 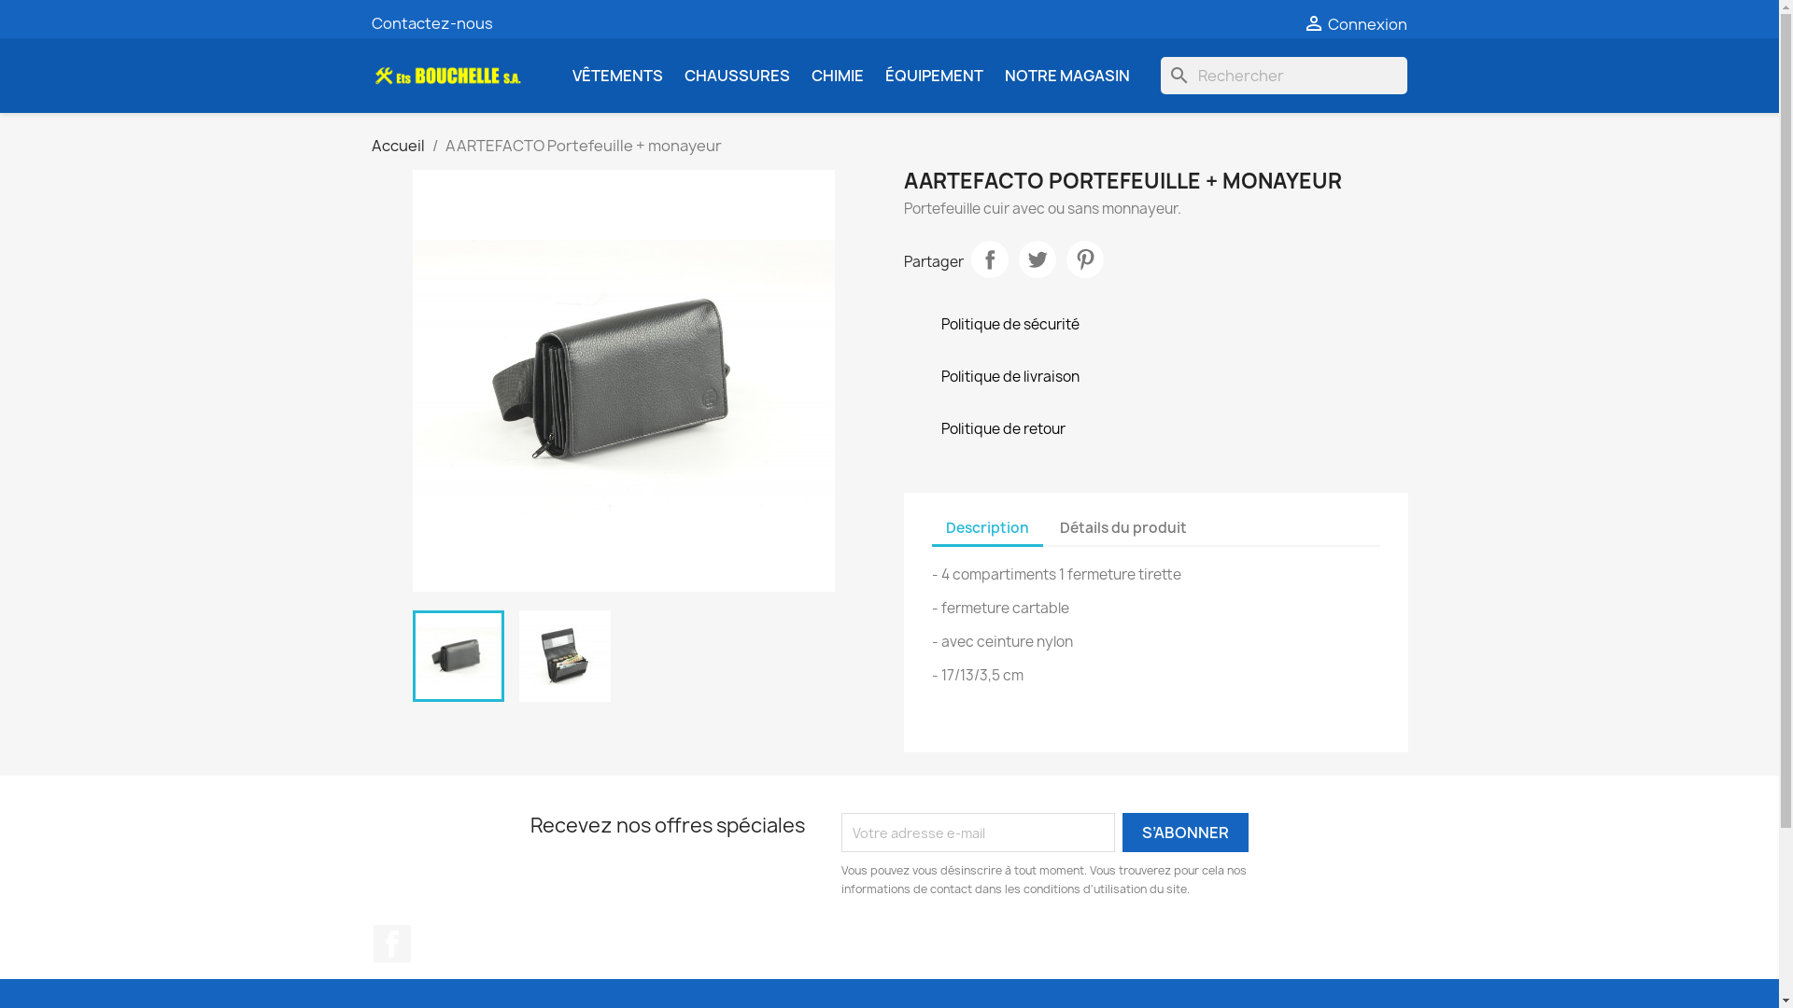 I want to click on 'CHIMIE', so click(x=836, y=75).